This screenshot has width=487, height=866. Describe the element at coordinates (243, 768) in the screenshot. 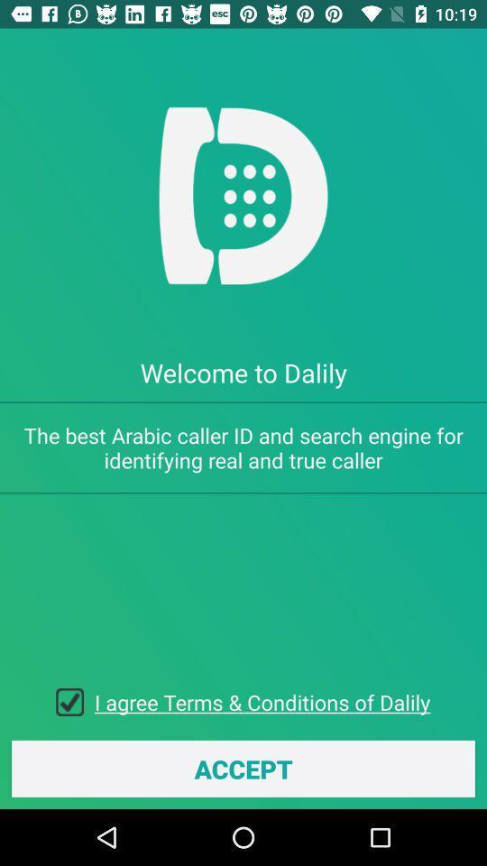

I see `accept item` at that location.